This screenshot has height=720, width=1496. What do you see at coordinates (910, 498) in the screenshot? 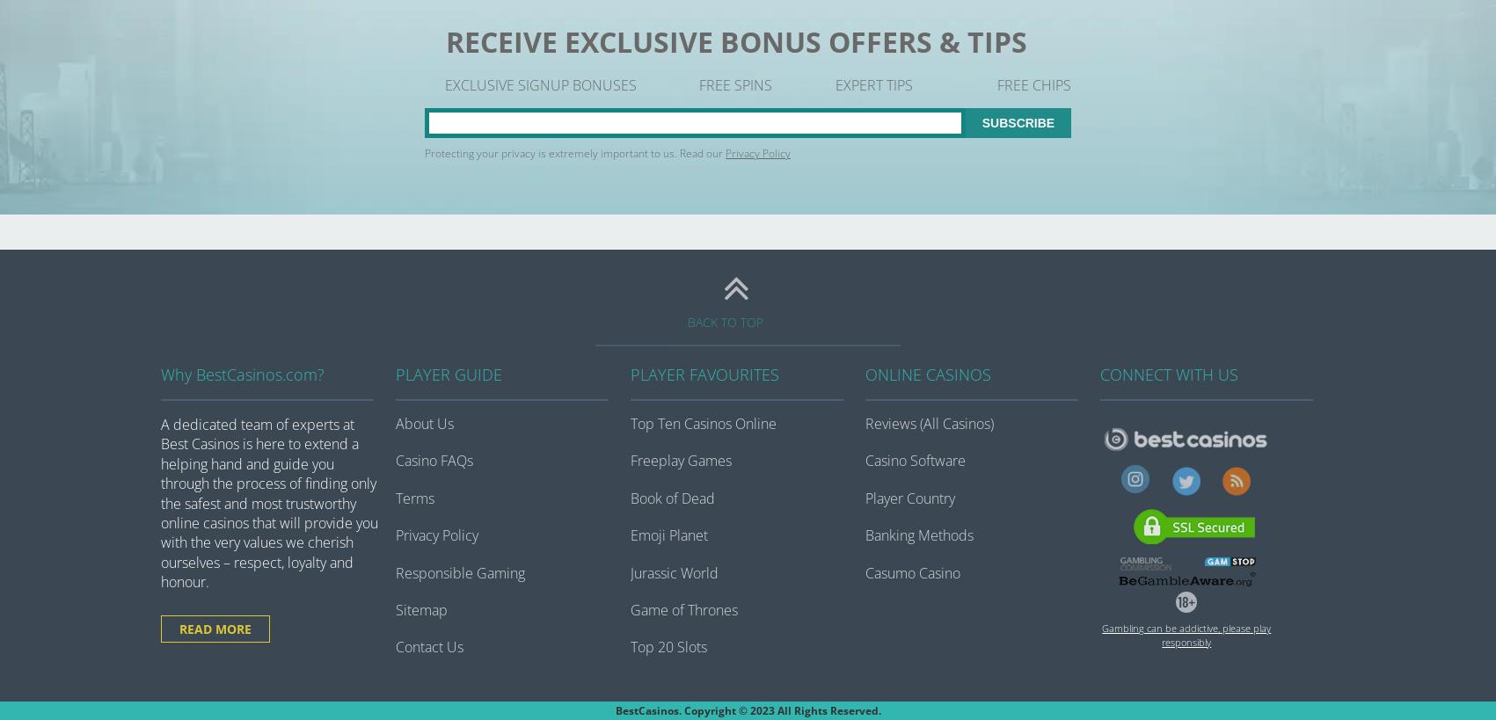
I see `'Player Country'` at bounding box center [910, 498].